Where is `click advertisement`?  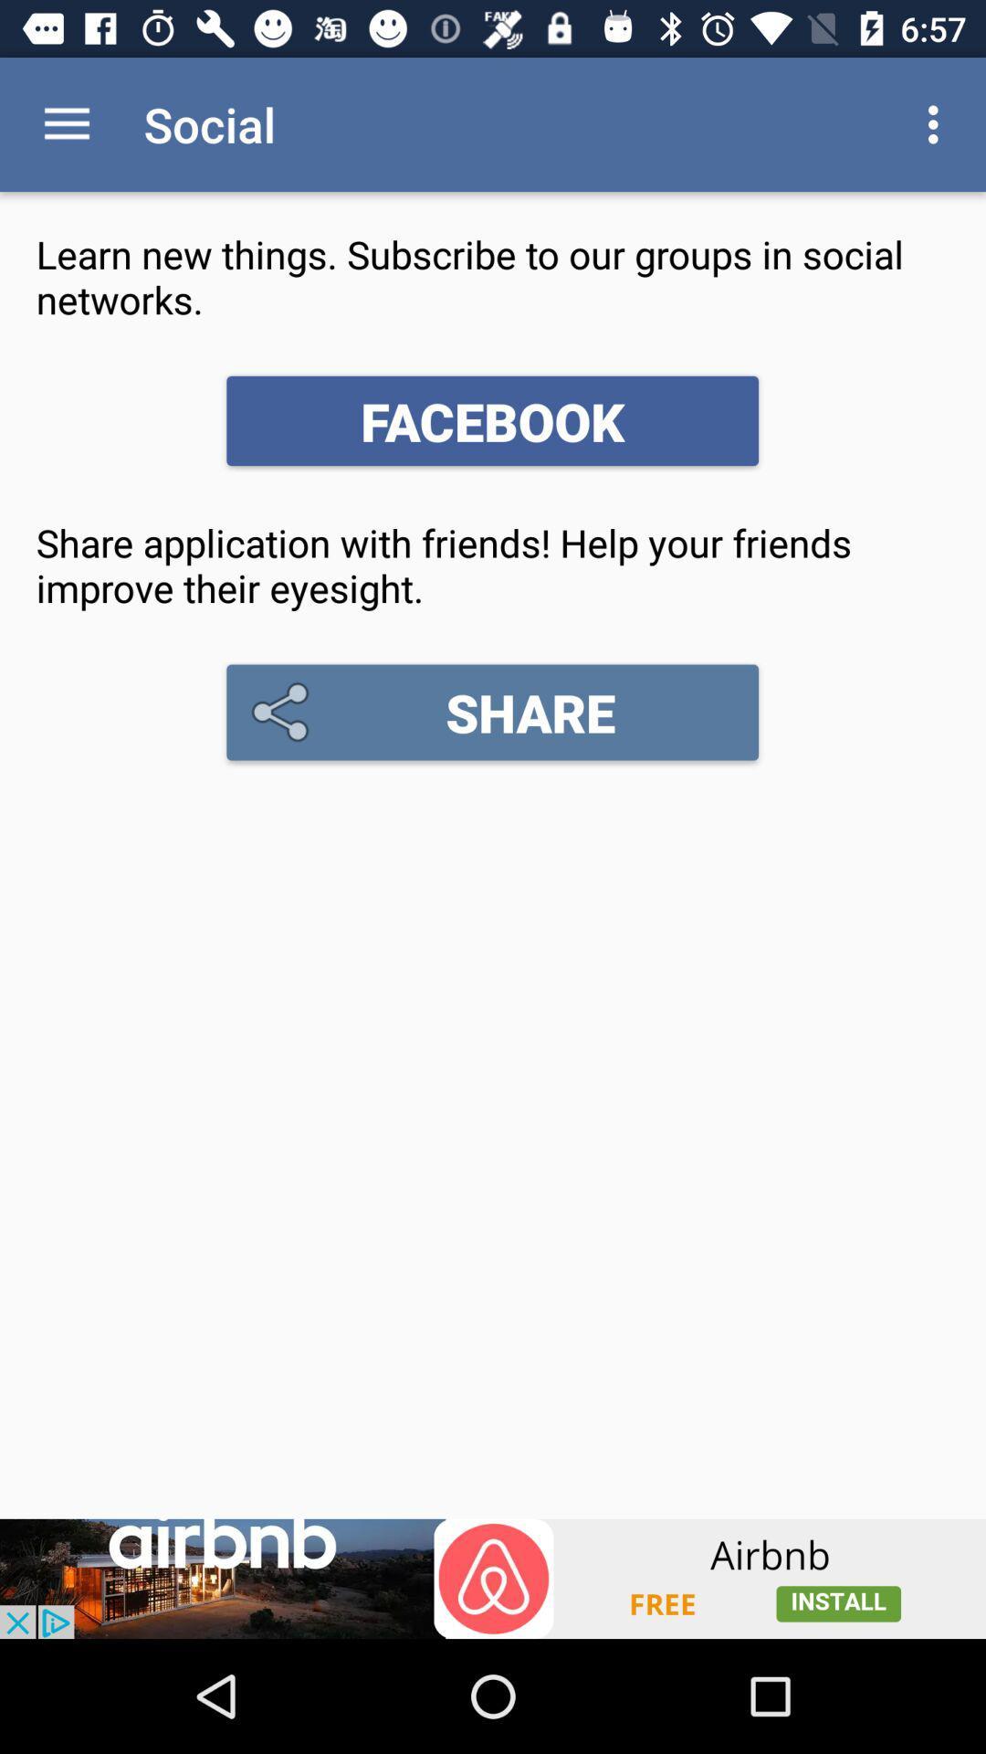 click advertisement is located at coordinates (493, 1578).